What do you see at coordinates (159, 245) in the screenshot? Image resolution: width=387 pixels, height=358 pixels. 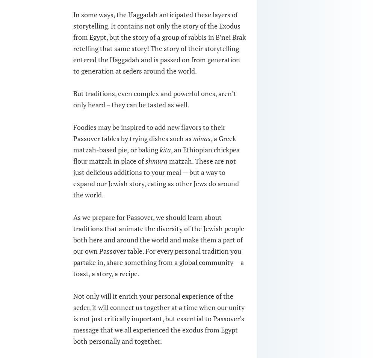 I see `'As we prepare for Passover, we should learn about traditions that animate the diversity of the Jewish people both here and around the world and make them a part of our own Passover table. For every personal tradition you partake in, share something from a global community— a toast, a story, a recipe.'` at bounding box center [159, 245].